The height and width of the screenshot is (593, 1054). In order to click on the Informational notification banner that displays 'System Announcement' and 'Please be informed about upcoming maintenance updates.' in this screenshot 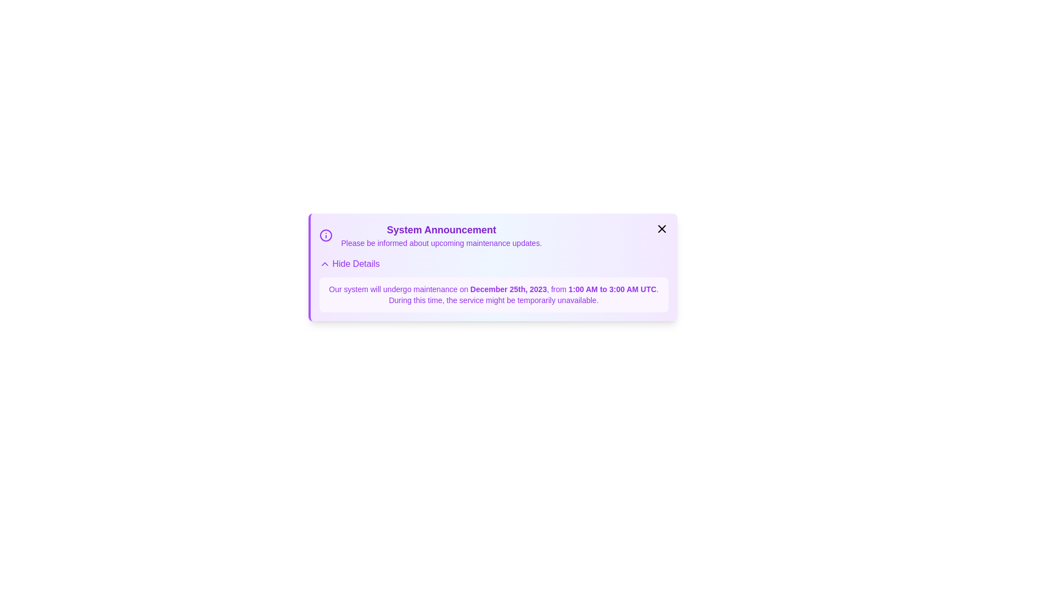, I will do `click(430, 234)`.